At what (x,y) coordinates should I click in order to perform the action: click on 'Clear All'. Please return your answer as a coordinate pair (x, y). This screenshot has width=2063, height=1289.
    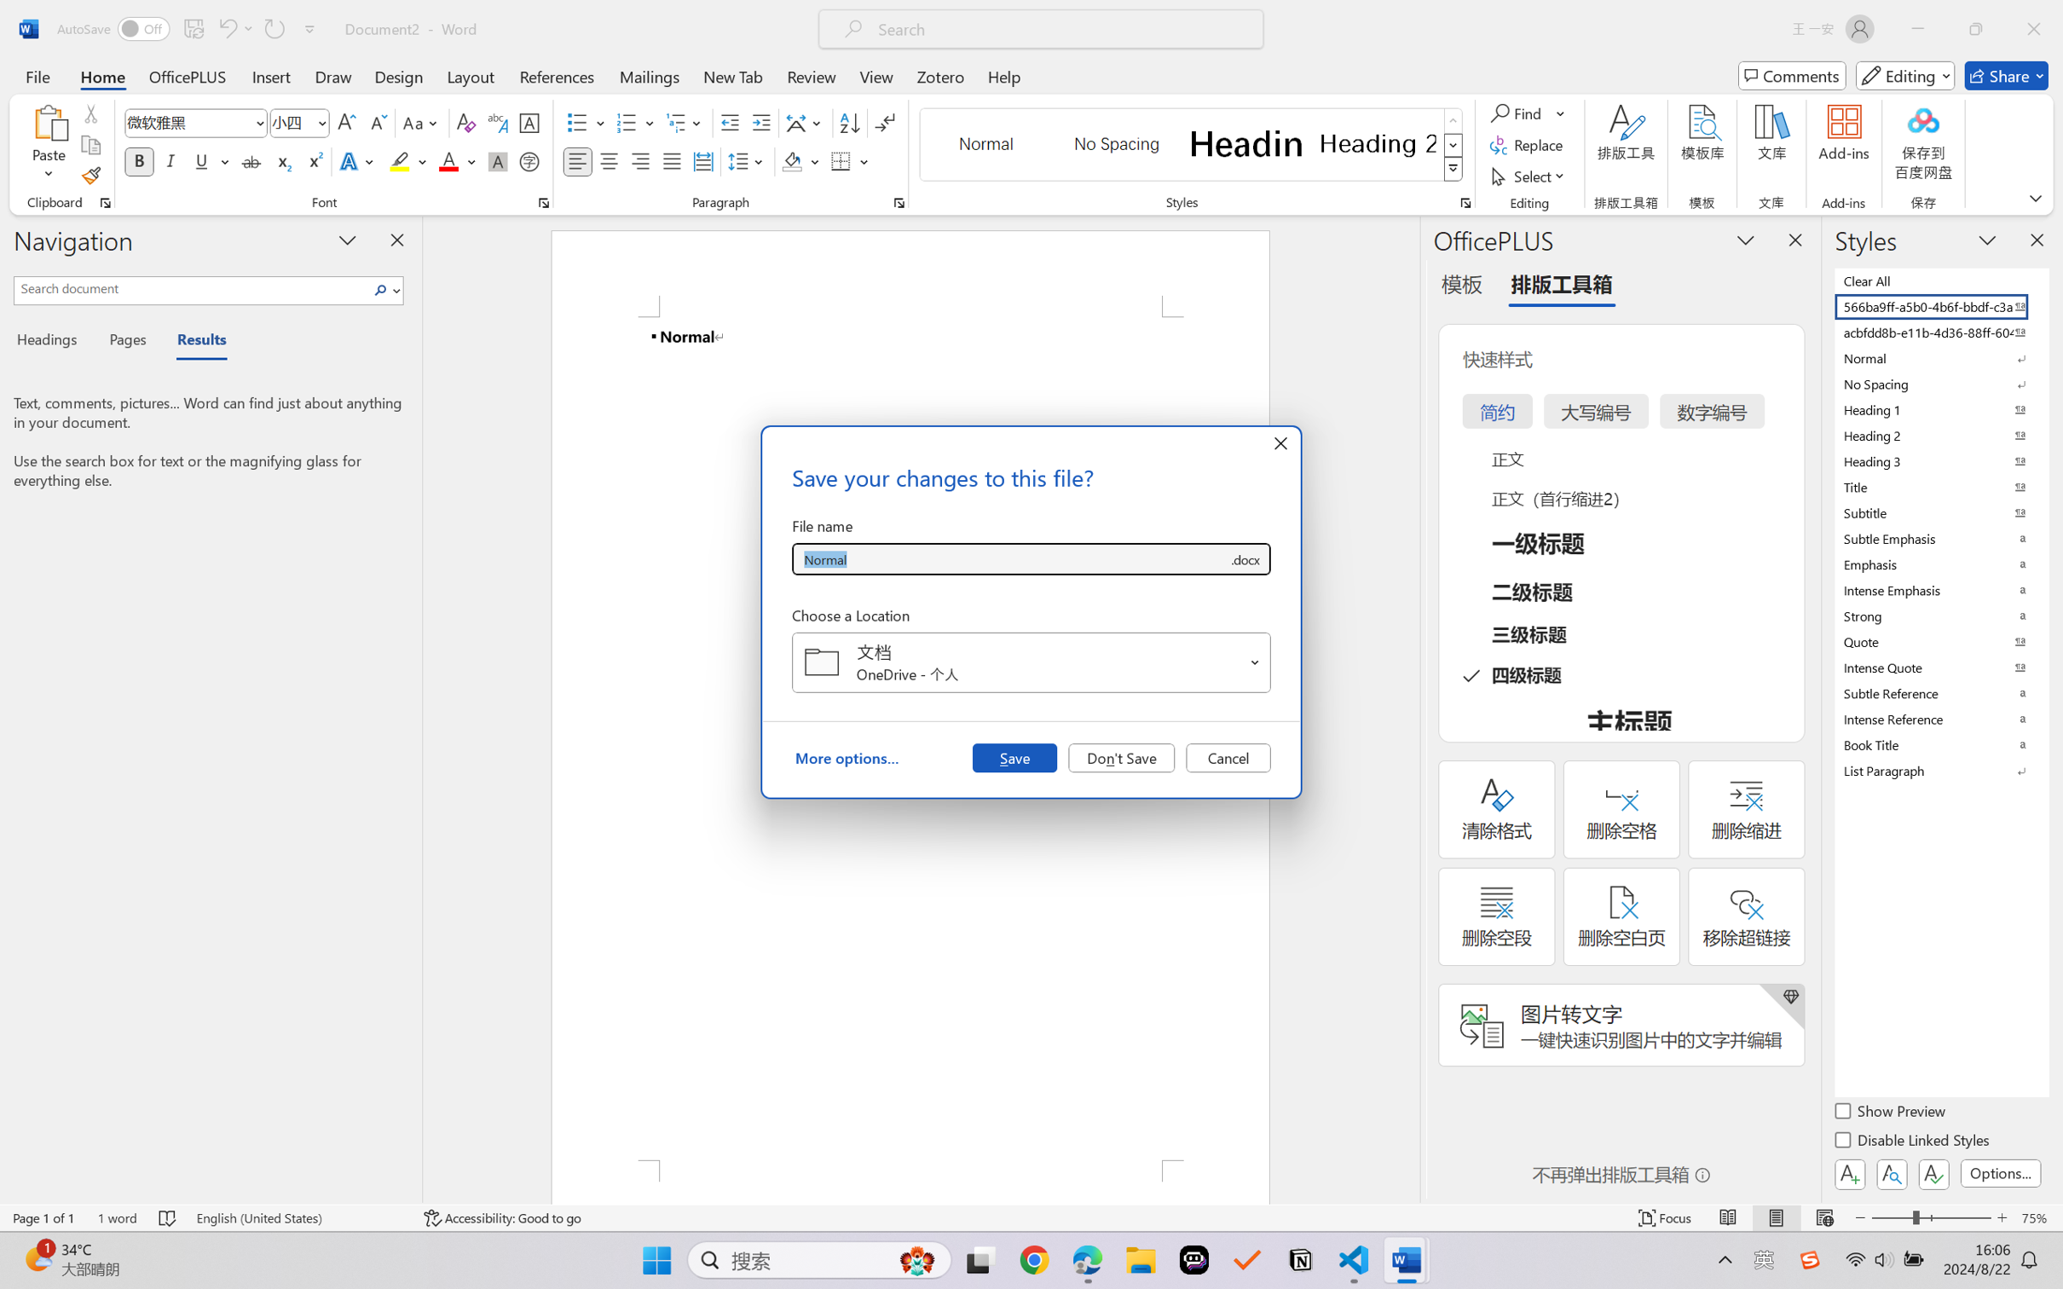
    Looking at the image, I should click on (1939, 280).